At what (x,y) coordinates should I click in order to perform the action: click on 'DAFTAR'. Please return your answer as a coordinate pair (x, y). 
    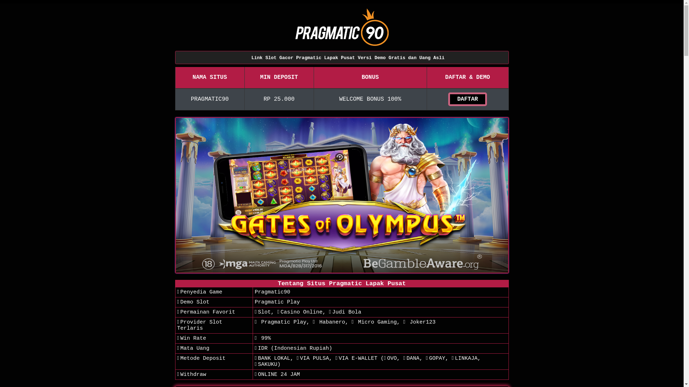
    Looking at the image, I should click on (467, 99).